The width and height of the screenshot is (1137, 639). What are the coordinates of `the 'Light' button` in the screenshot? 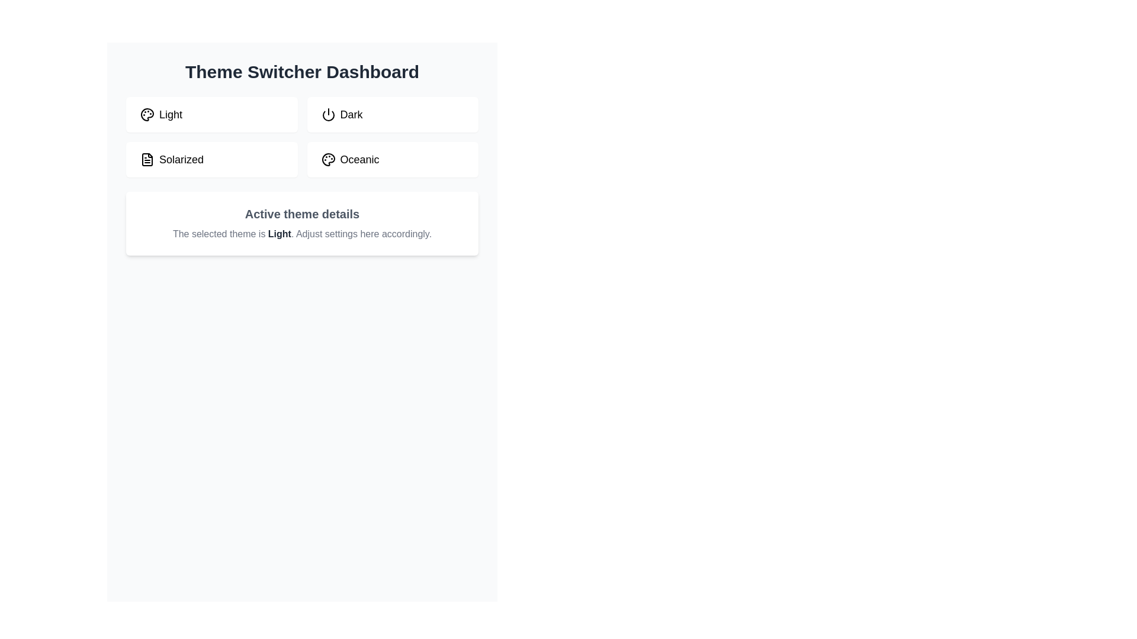 It's located at (211, 114).